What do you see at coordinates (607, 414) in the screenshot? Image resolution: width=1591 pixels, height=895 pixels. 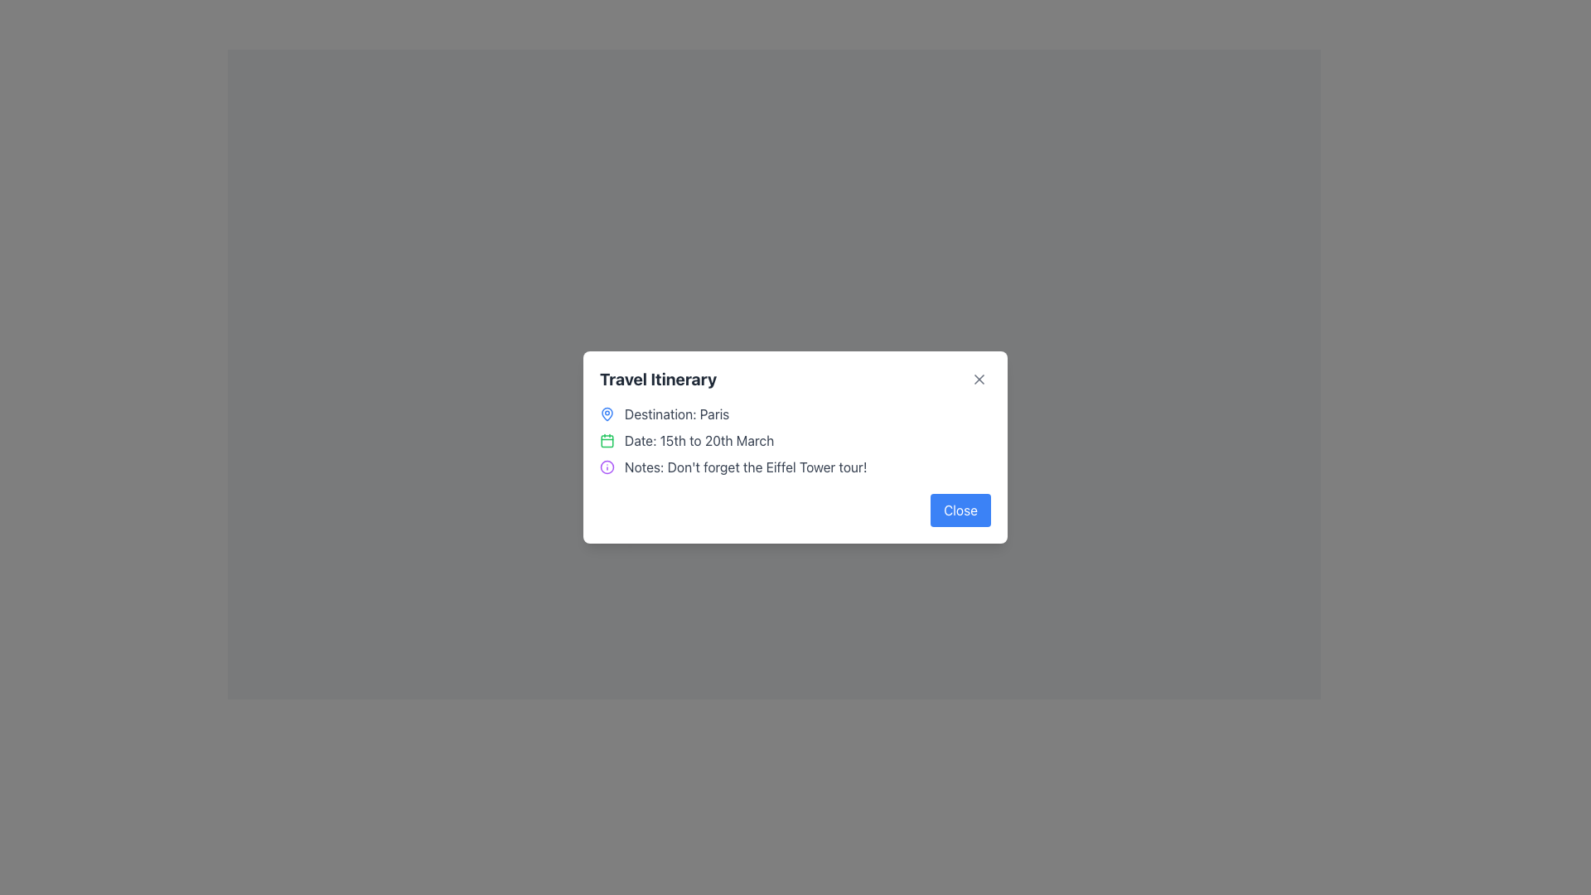 I see `the blue map pin icon that denotes a location, located to the left of the text 'Destination: Paris'` at bounding box center [607, 414].